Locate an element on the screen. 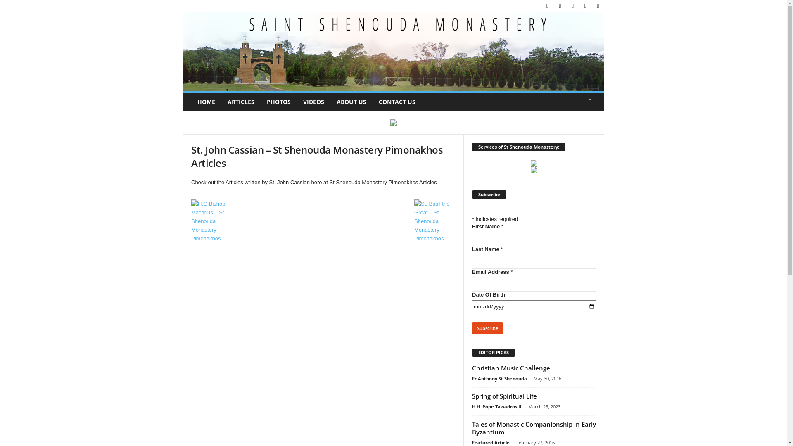 The height and width of the screenshot is (446, 793). 'ARTICLES' is located at coordinates (240, 101).